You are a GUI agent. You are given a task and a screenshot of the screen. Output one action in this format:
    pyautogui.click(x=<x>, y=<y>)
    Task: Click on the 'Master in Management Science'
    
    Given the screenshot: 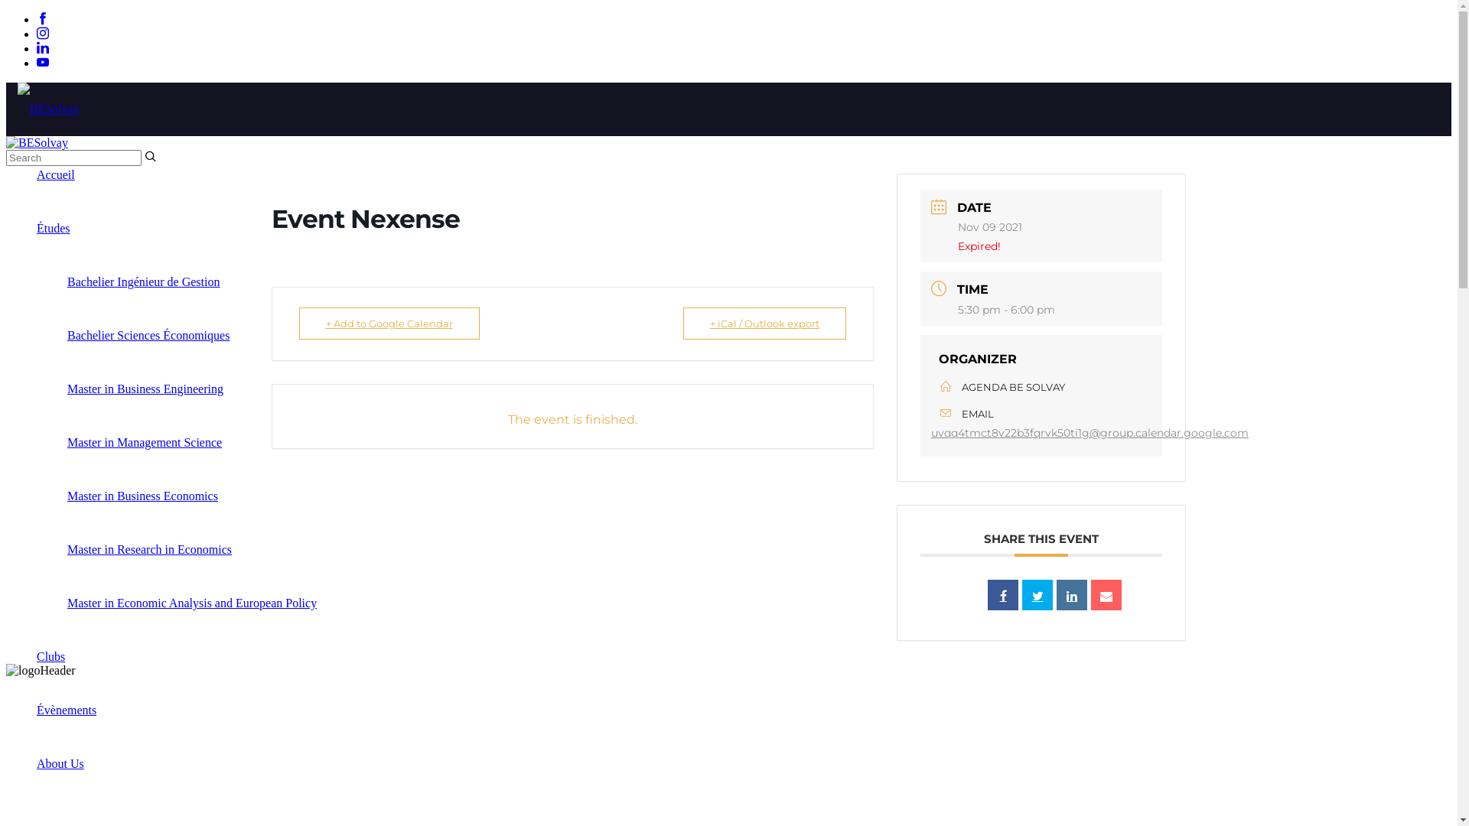 What is the action you would take?
    pyautogui.click(x=144, y=442)
    